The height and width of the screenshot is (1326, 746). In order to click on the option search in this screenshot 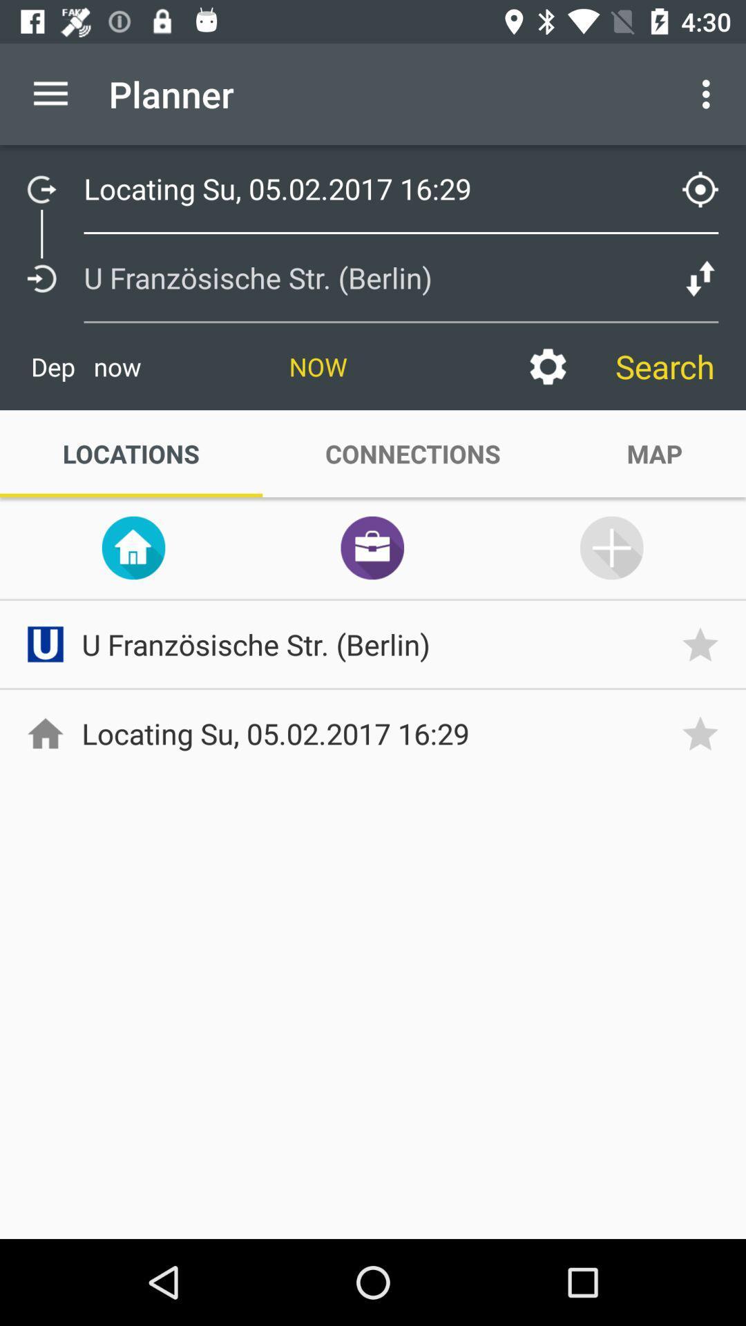, I will do `click(664, 367)`.